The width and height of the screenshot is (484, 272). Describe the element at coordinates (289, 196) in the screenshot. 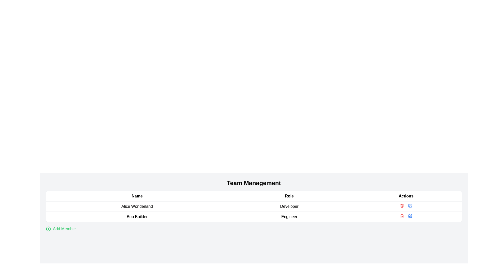

I see `the 'Role' column header text label, which is the second column in the 'Team Management' section of the table` at that location.